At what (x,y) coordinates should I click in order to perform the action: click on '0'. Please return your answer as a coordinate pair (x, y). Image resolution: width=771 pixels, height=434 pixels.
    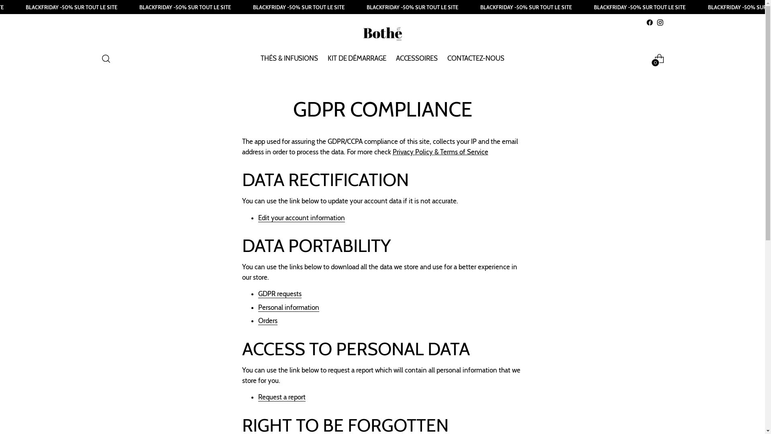
    Looking at the image, I should click on (659, 58).